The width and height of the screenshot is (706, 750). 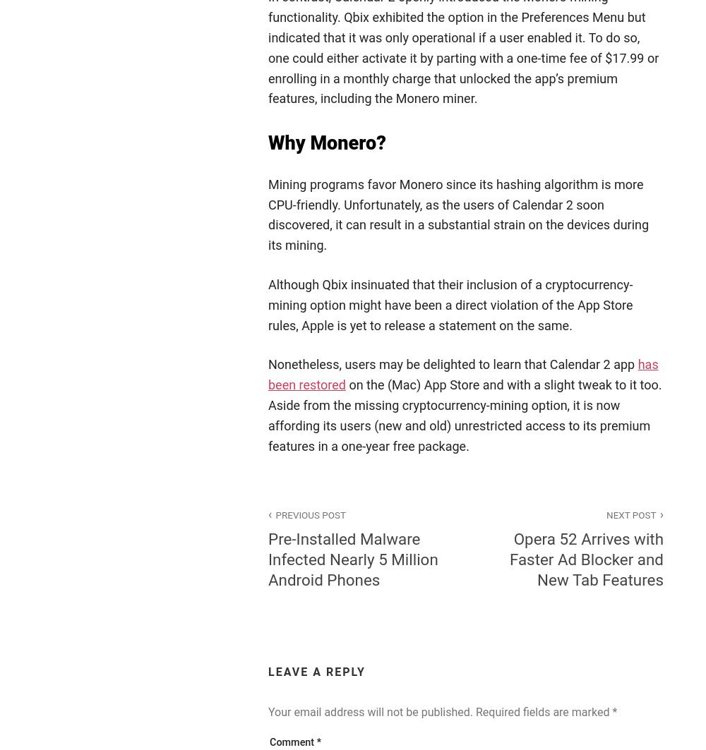 I want to click on 'Although Qbix insinuated that their inclusion of a cryptocurrency-mining option might have been a direct violation of the App Store rules, Apple is yet to release a statement on the same.', so click(x=450, y=304).